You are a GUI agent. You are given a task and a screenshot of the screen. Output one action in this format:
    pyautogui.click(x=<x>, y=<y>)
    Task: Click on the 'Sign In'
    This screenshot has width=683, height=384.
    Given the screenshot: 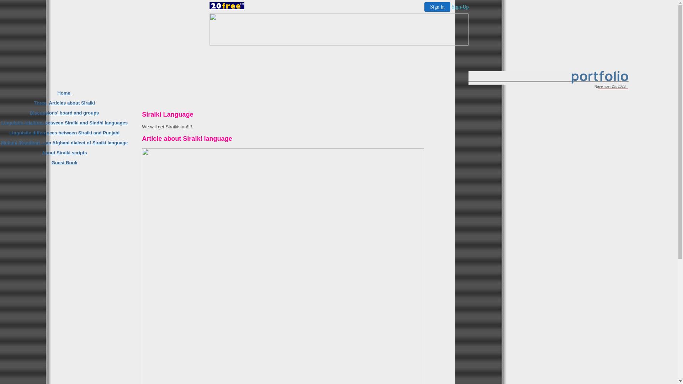 What is the action you would take?
    pyautogui.click(x=437, y=7)
    